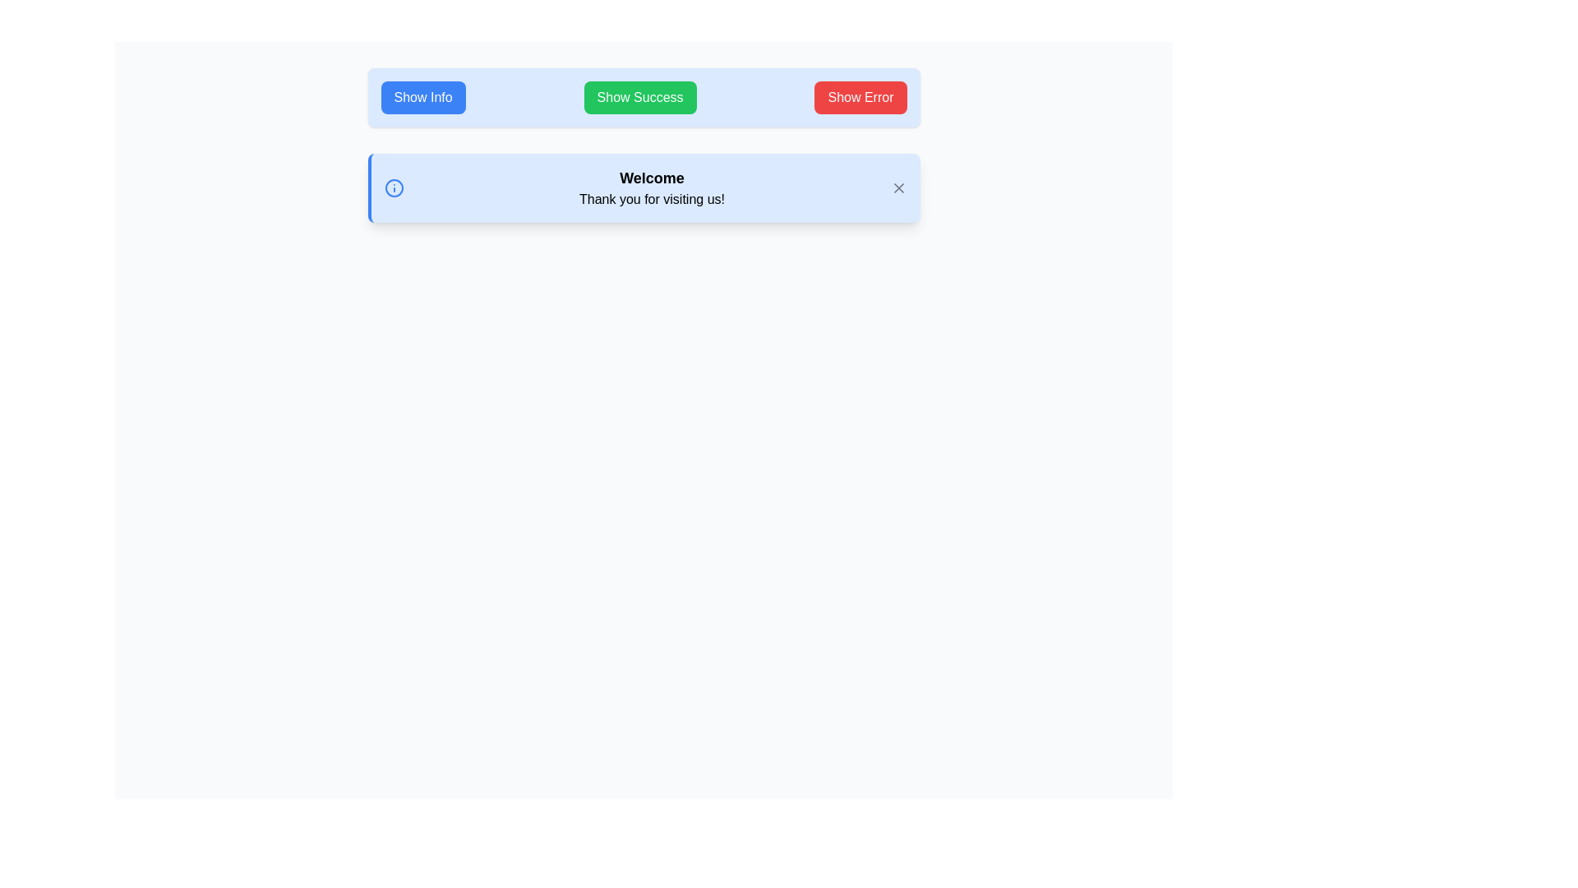 This screenshot has width=1578, height=888. What do you see at coordinates (897, 187) in the screenshot?
I see `the close button located at the top-right corner of the notification box` at bounding box center [897, 187].